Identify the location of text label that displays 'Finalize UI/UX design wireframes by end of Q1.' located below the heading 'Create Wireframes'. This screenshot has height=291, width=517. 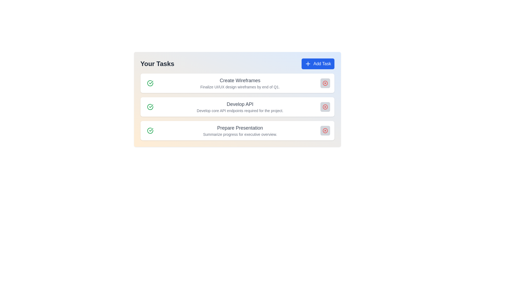
(240, 87).